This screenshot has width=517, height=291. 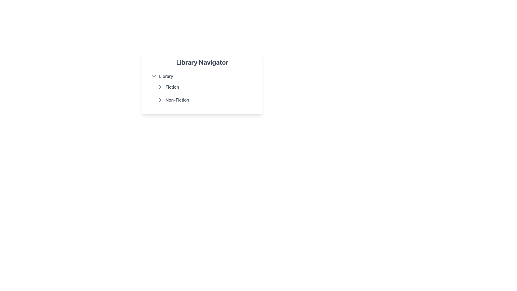 What do you see at coordinates (160, 100) in the screenshot?
I see `the chevron icon located in the vertical navigation menu preceding the 'Non-Fiction' label` at bounding box center [160, 100].